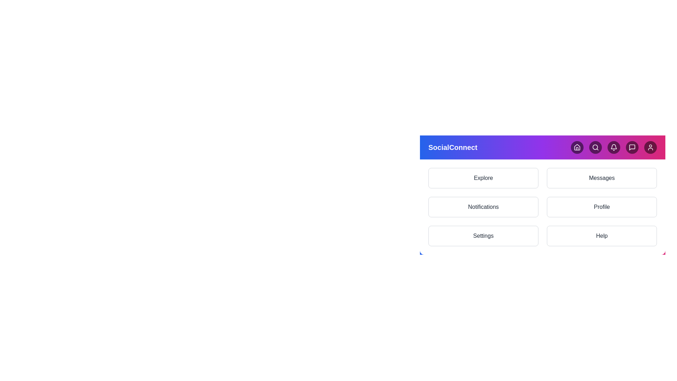  Describe the element at coordinates (614, 147) in the screenshot. I see `the Notifications button in the navigation header` at that location.